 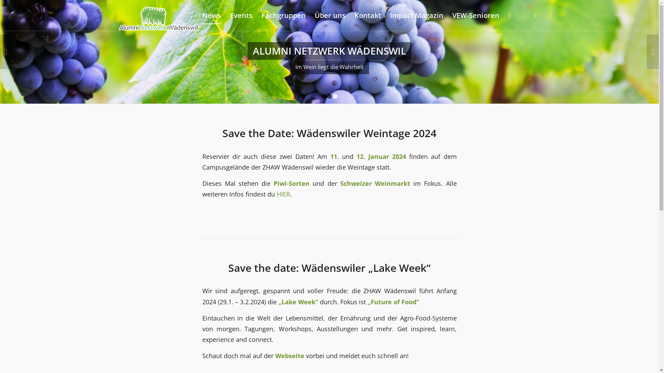 I want to click on 'HIER', so click(x=277, y=194).